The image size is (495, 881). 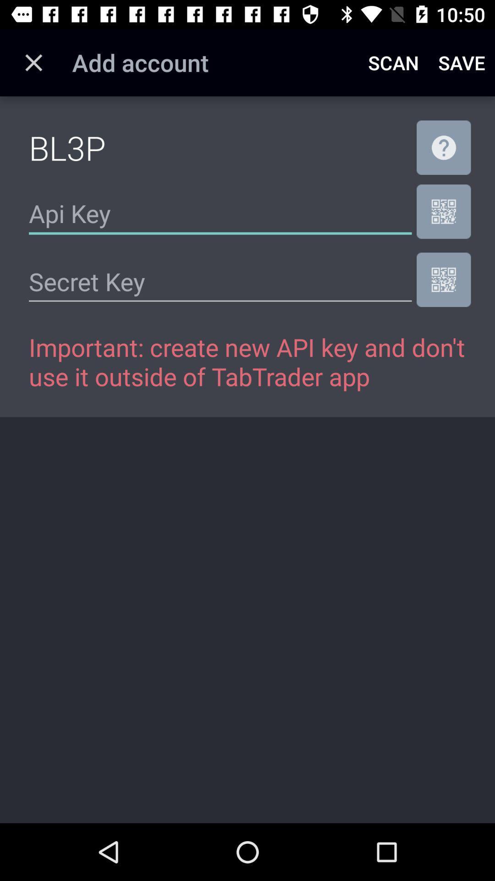 I want to click on the icon to the left of add account app, so click(x=33, y=62).